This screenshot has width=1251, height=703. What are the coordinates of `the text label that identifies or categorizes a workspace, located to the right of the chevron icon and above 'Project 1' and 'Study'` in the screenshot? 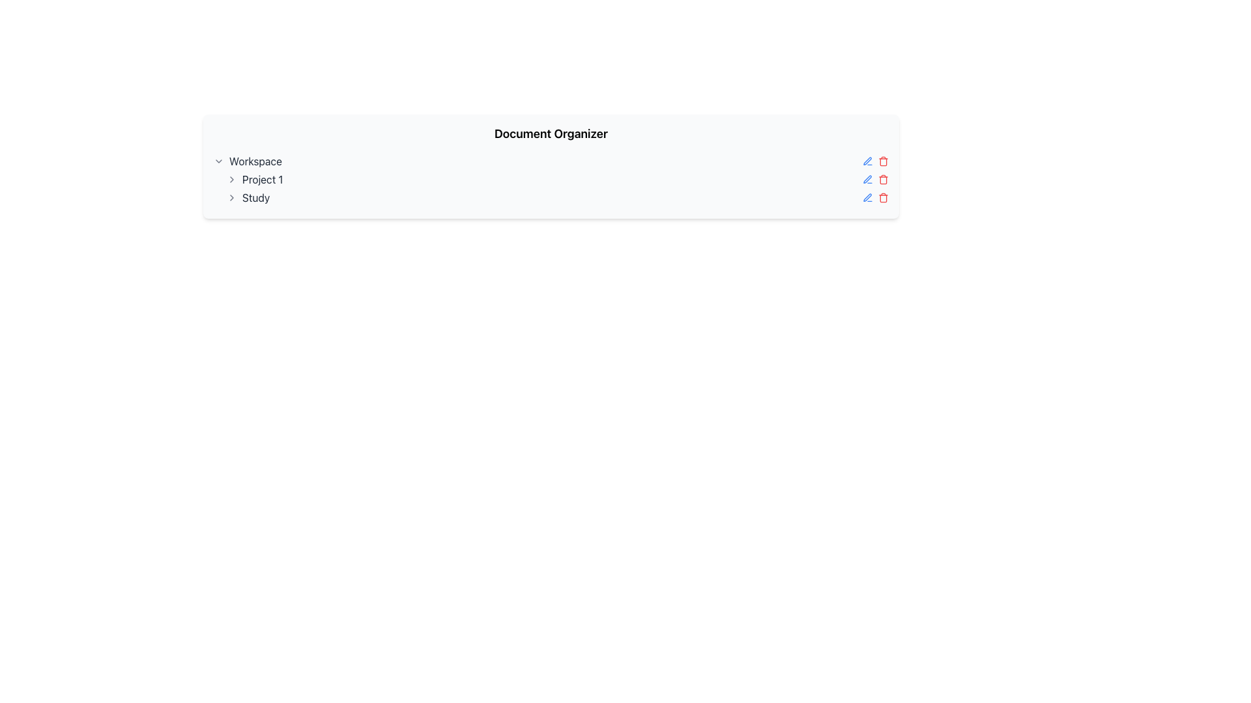 It's located at (255, 160).